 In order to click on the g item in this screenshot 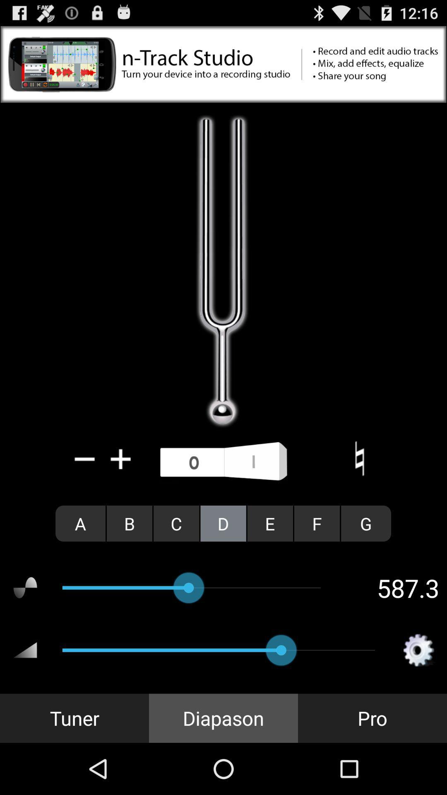, I will do `click(365, 523)`.